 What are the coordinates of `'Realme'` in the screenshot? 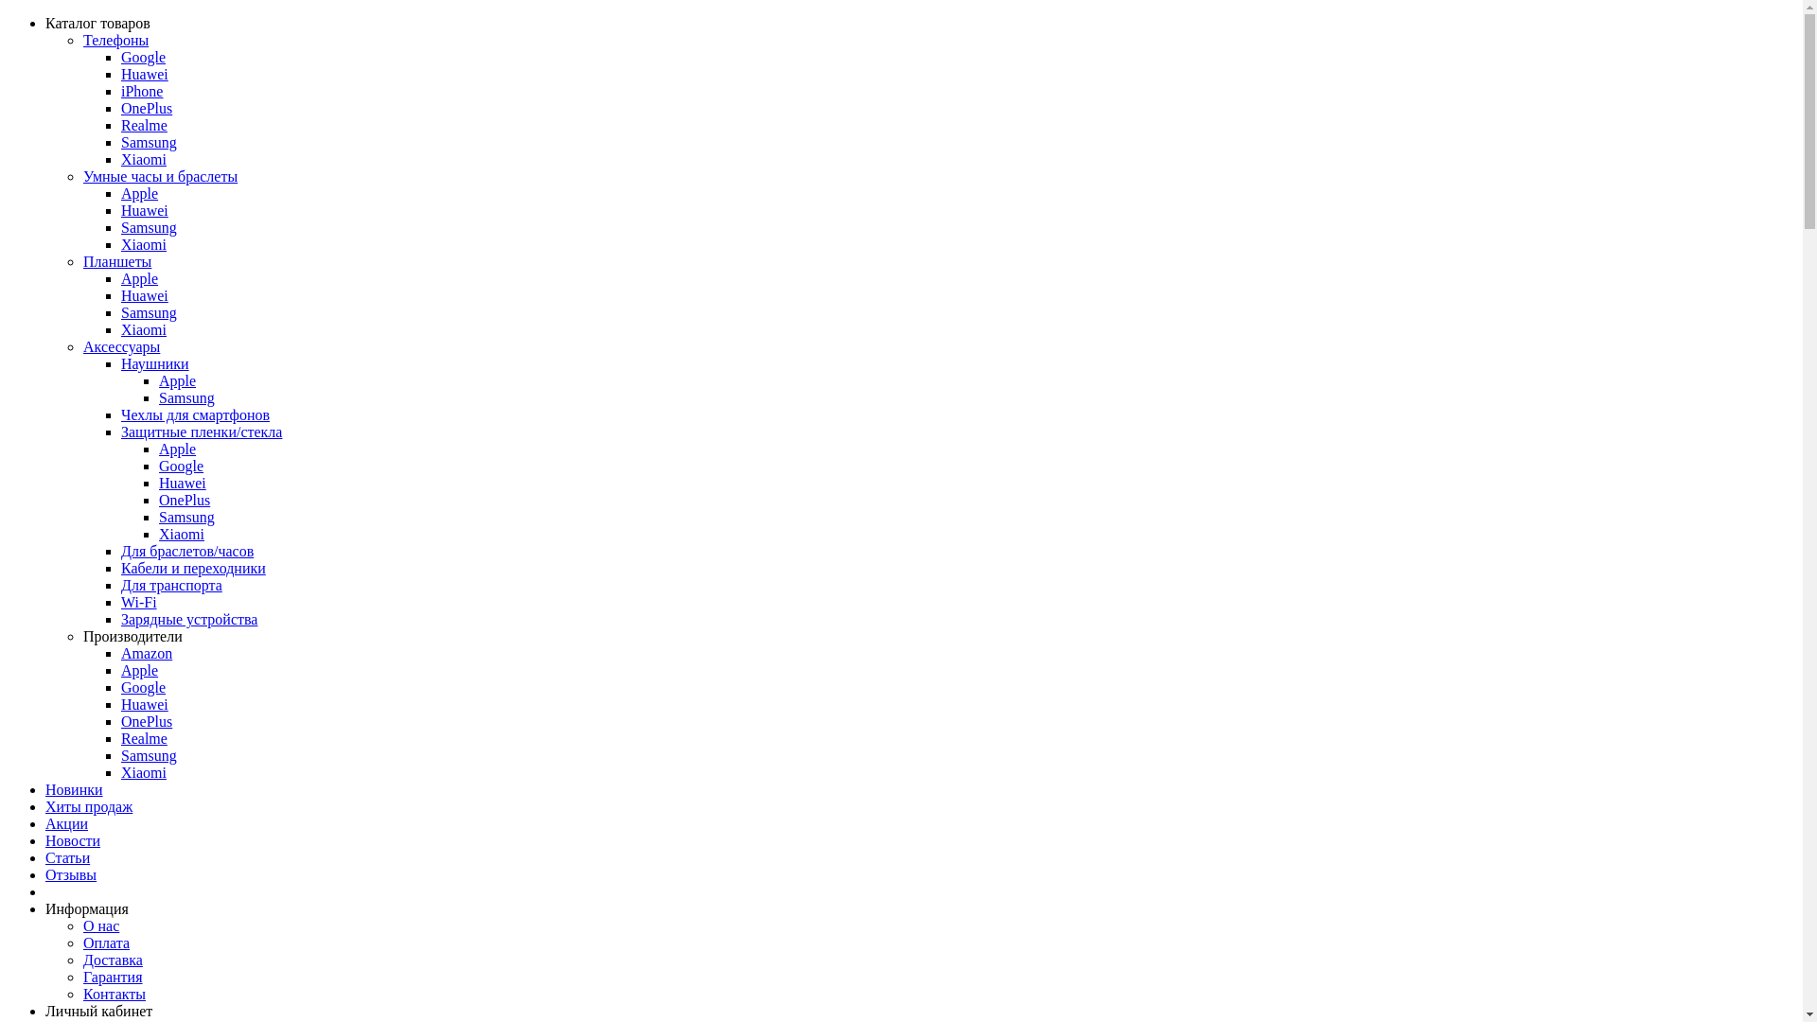 It's located at (120, 737).